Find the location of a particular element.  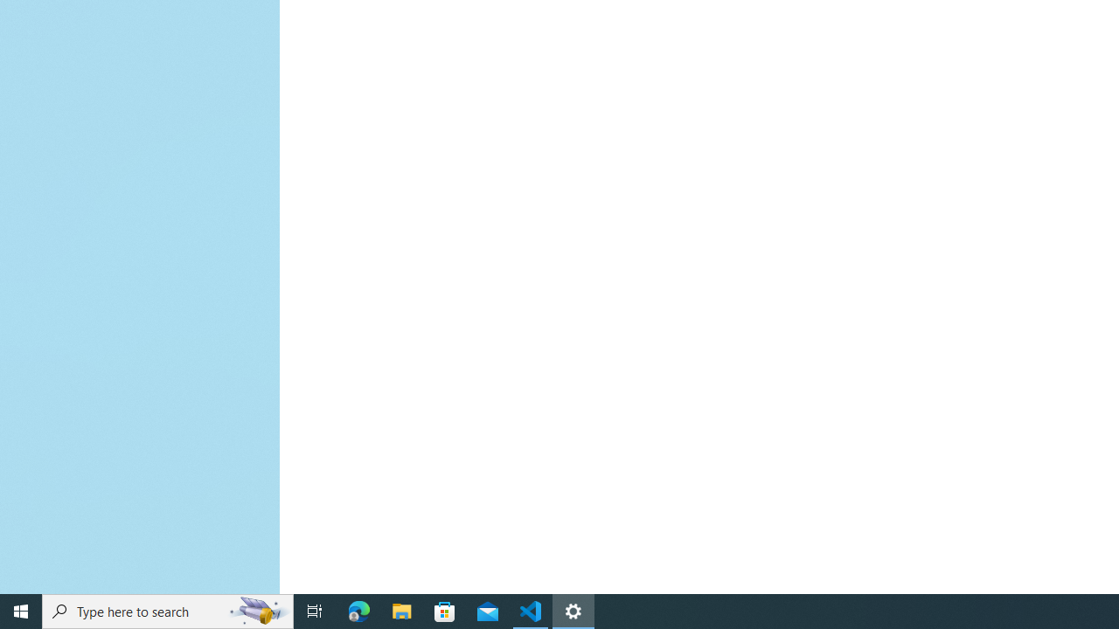

'Microsoft Store' is located at coordinates (445, 610).